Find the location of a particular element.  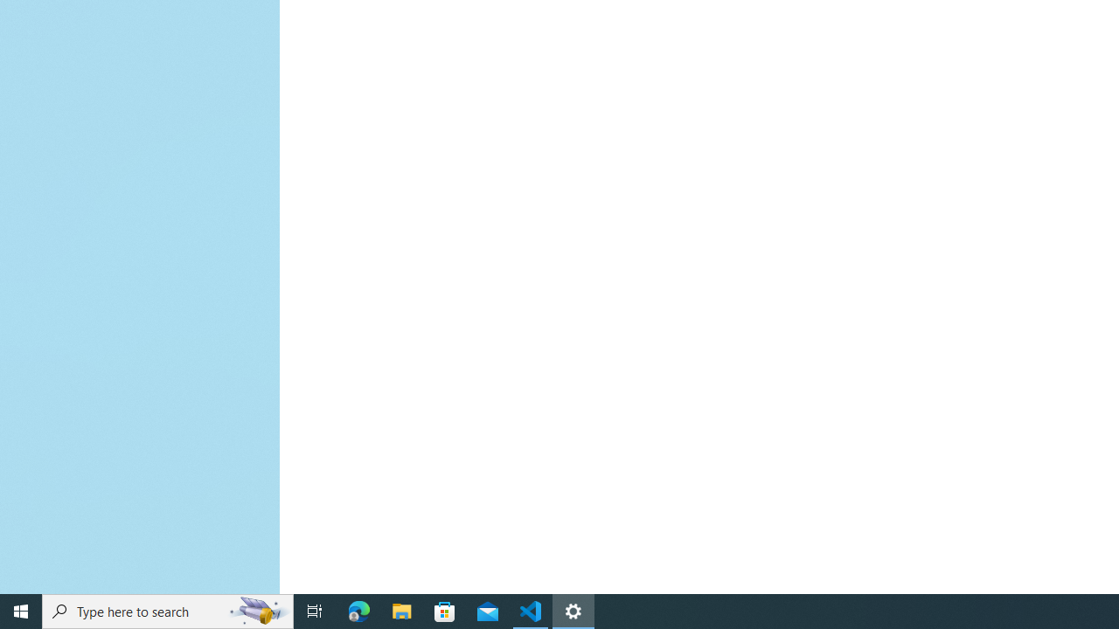

'Microsoft Store' is located at coordinates (445, 610).